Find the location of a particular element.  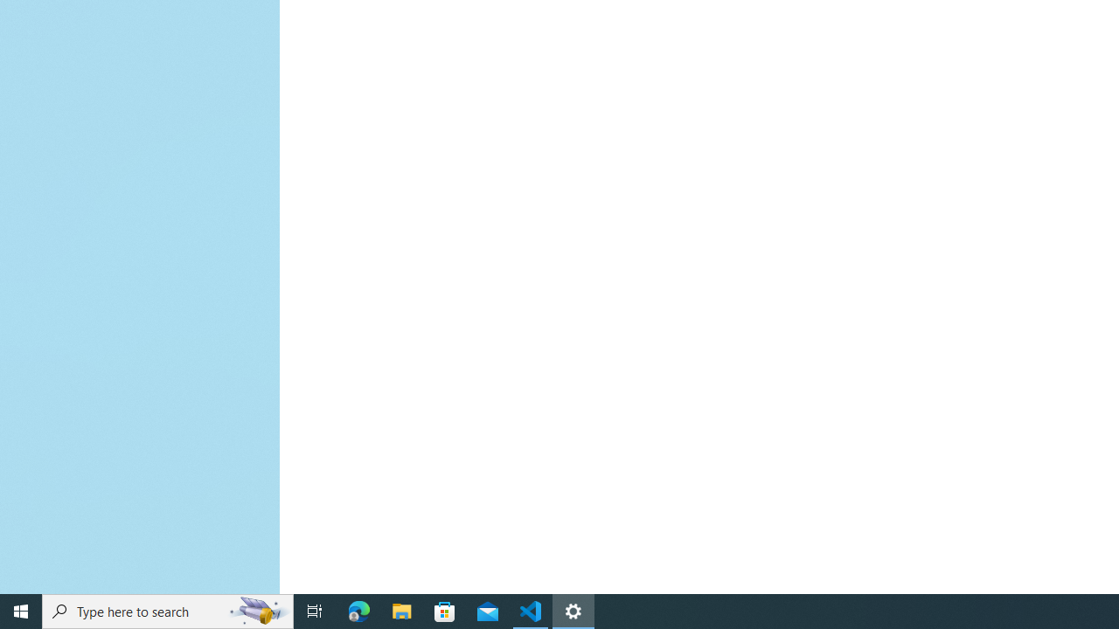

'Microsoft Store' is located at coordinates (445, 610).